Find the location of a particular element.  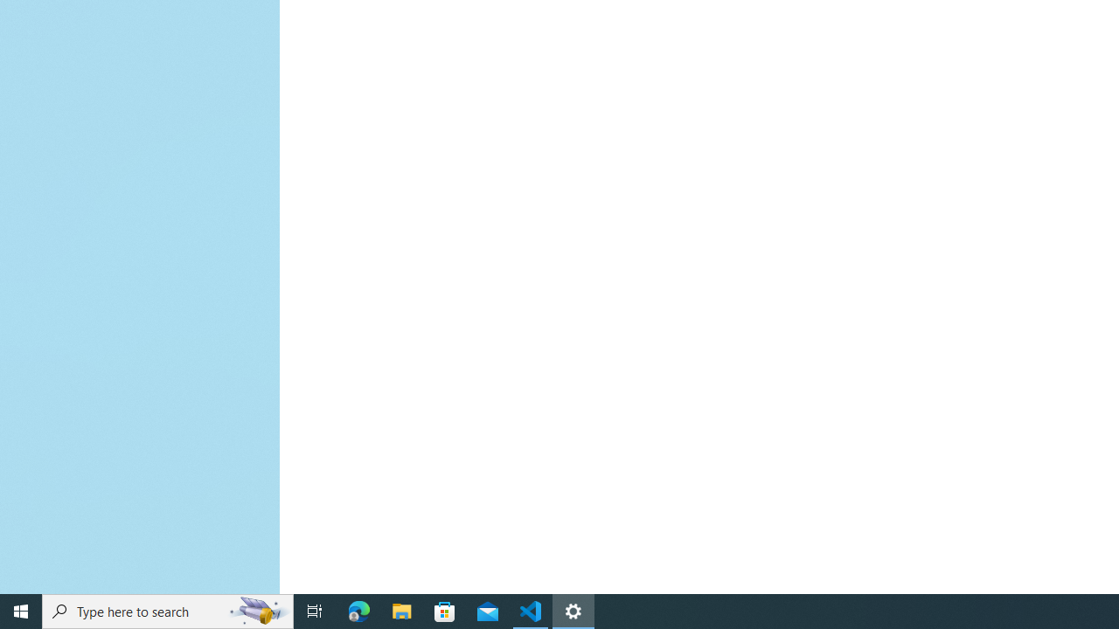

'Microsoft Store' is located at coordinates (445, 610).